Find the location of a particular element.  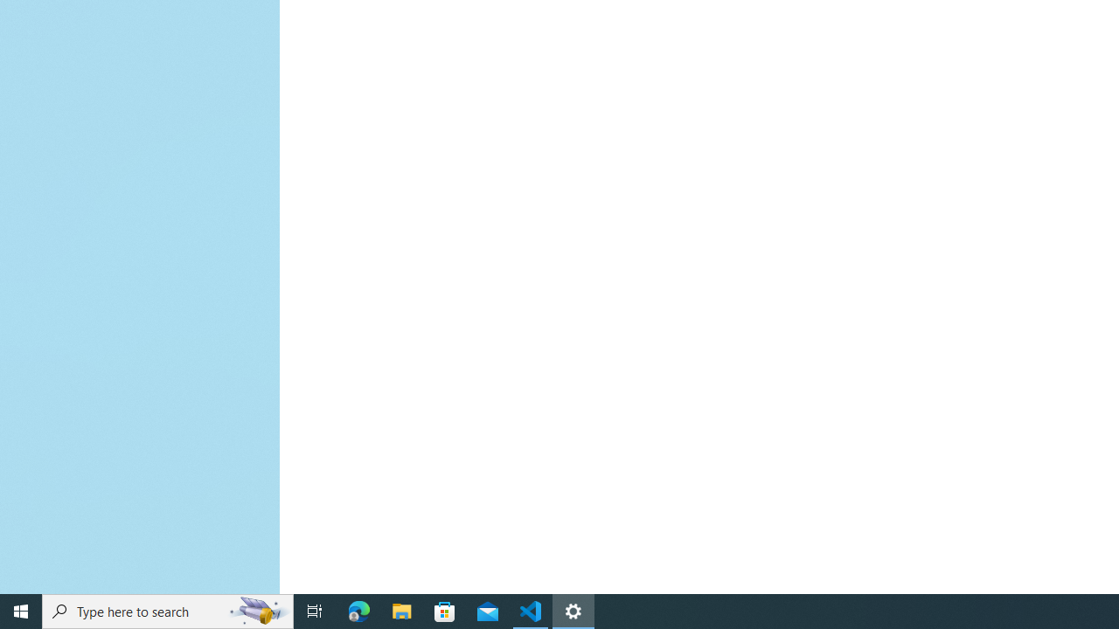

'Microsoft Store' is located at coordinates (445, 610).